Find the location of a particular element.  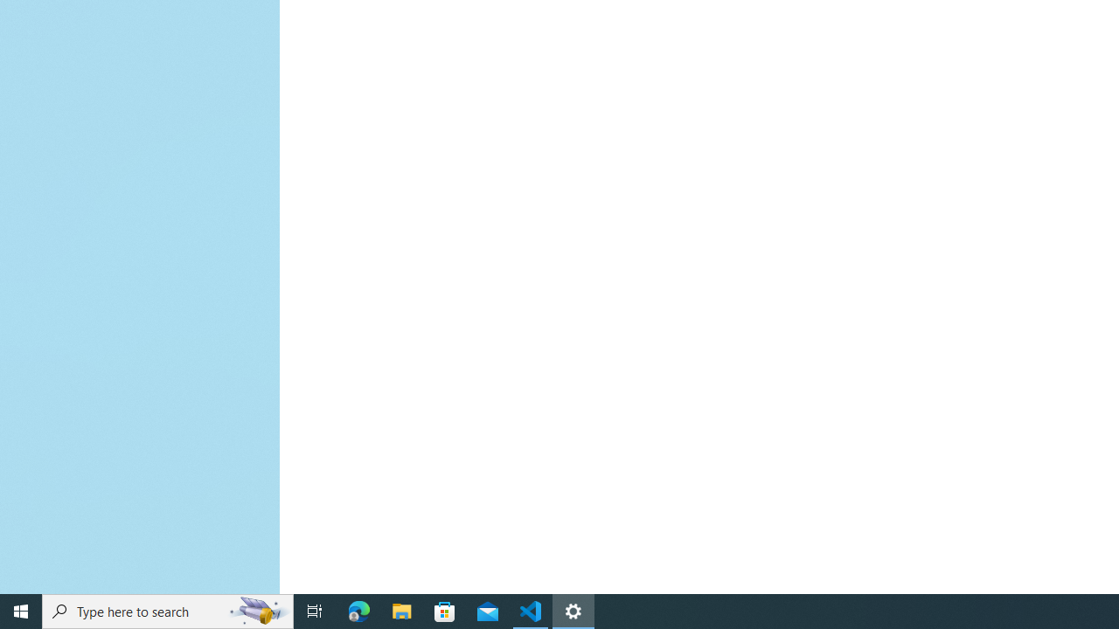

'Microsoft Store' is located at coordinates (445, 610).